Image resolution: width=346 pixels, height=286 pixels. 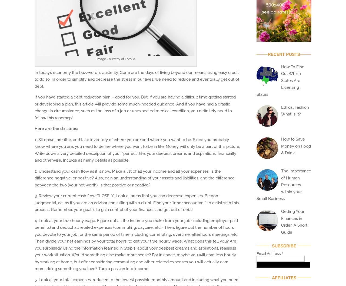 I want to click on '4. Look at your true hourly wage. Figure out all the income you make from your job (including employer-paid benefits) and deduct all related expenses (commuting, daycare, etc.). Then, figure out the number of hours you devote to your job for the same period of time, including commuting, overtime, afterhours meetings, etc. Then divide your net earnings by your total hours, to get your true hourly wage. What does this tell you? Are you surprised? Using the information learned in Step 1, about your deepest dreams and aspirations, reassess your work situation. Would something else make more sense? For instance, maybe you will earn less hourly by working at home, but after considering commuting and other related expenses you will actually earn more, doing something you love? Turn a passion into income!', so click(x=136, y=244).